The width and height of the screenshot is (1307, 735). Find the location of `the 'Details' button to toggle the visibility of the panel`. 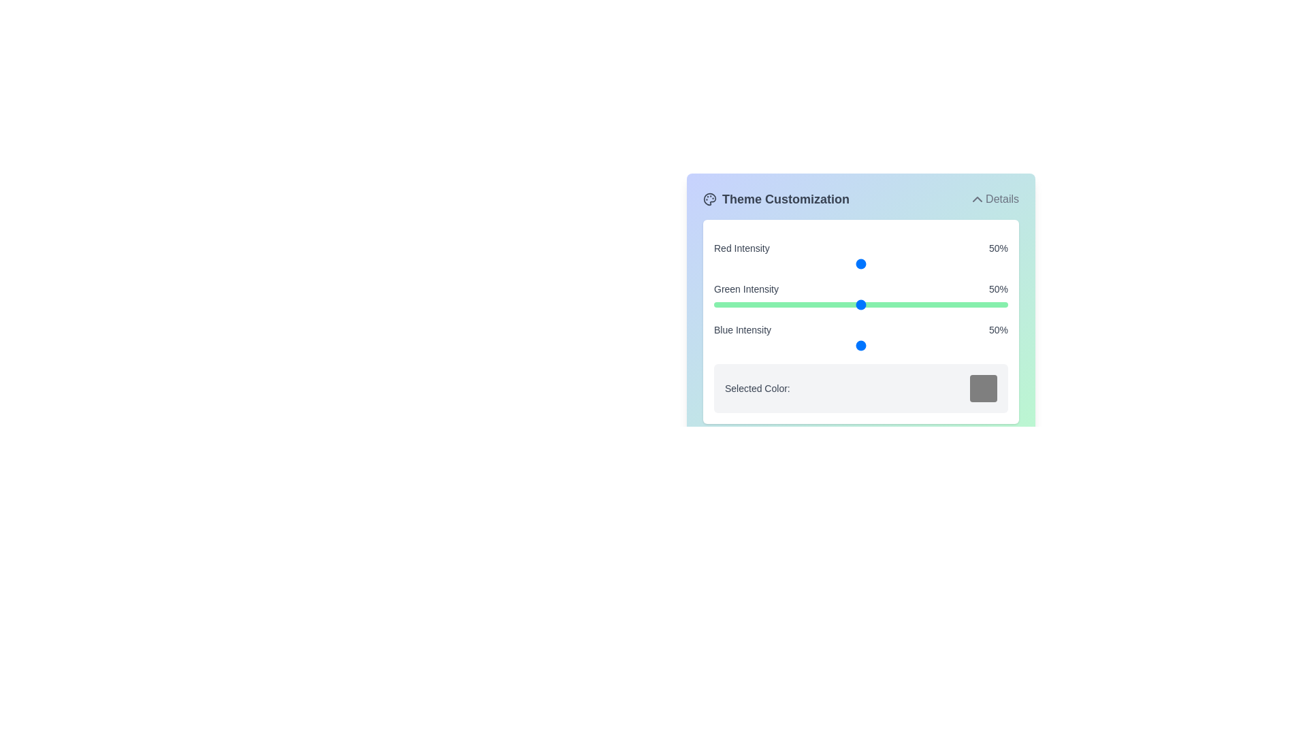

the 'Details' button to toggle the visibility of the panel is located at coordinates (993, 199).